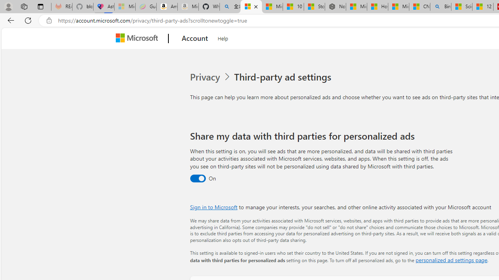 Image resolution: width=499 pixels, height=280 pixels. What do you see at coordinates (335, 7) in the screenshot?
I see `'Nordace - Nordace Siena Is Not An Ordinary Backpack'` at bounding box center [335, 7].